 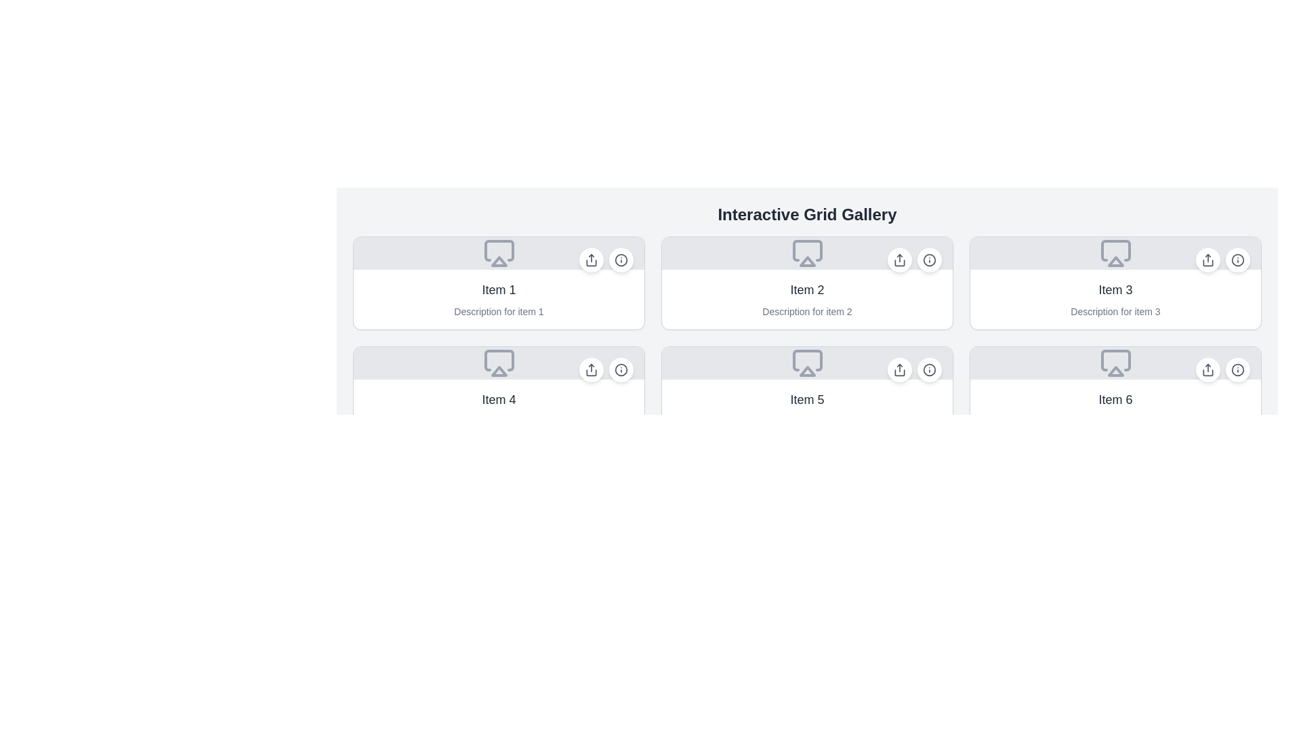 I want to click on the Informational button located in the top-right corner of the card labeled 'Item 5', so click(x=929, y=370).